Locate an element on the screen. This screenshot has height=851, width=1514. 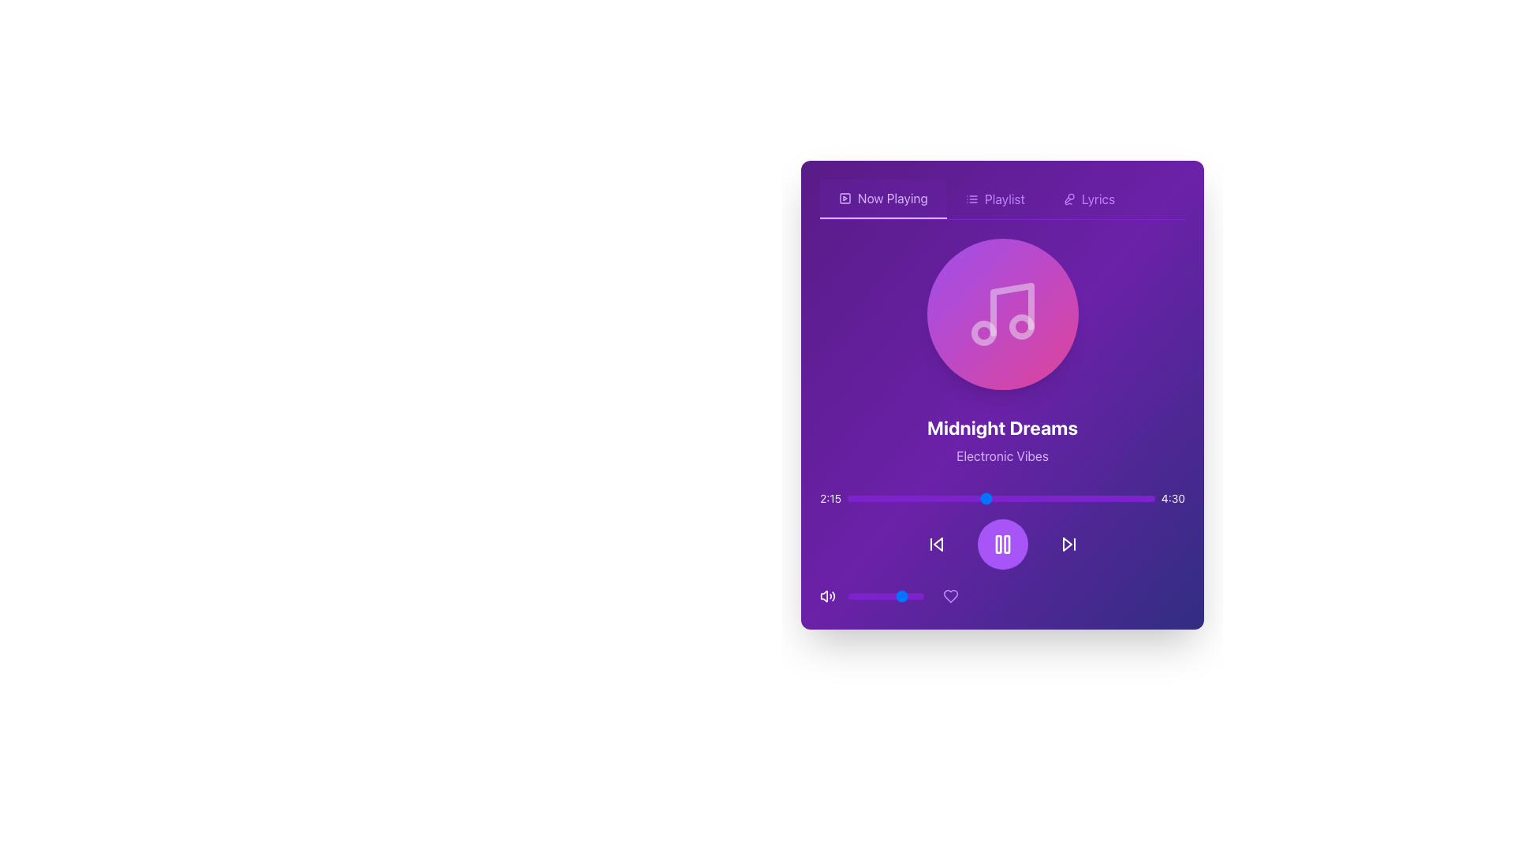
the music note icon, which is the first circular shape at the bottom left corner of the larger circular gradient background is located at coordinates (983, 333).